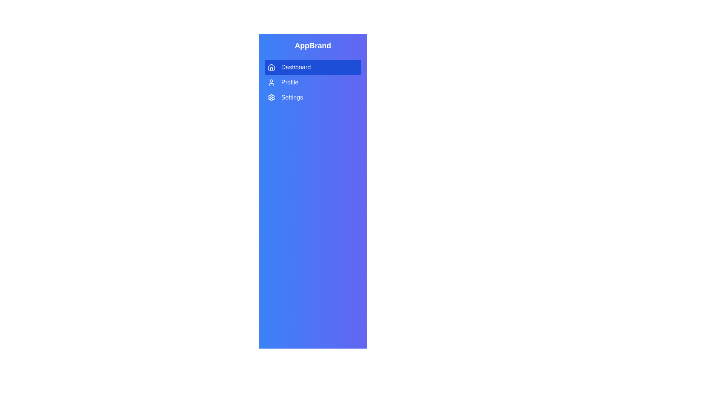  Describe the element at coordinates (296, 67) in the screenshot. I see `the 'Dashboard' text label within the active navigation menu button, which is displayed in a white font on a blue rounded rectangular button` at that location.